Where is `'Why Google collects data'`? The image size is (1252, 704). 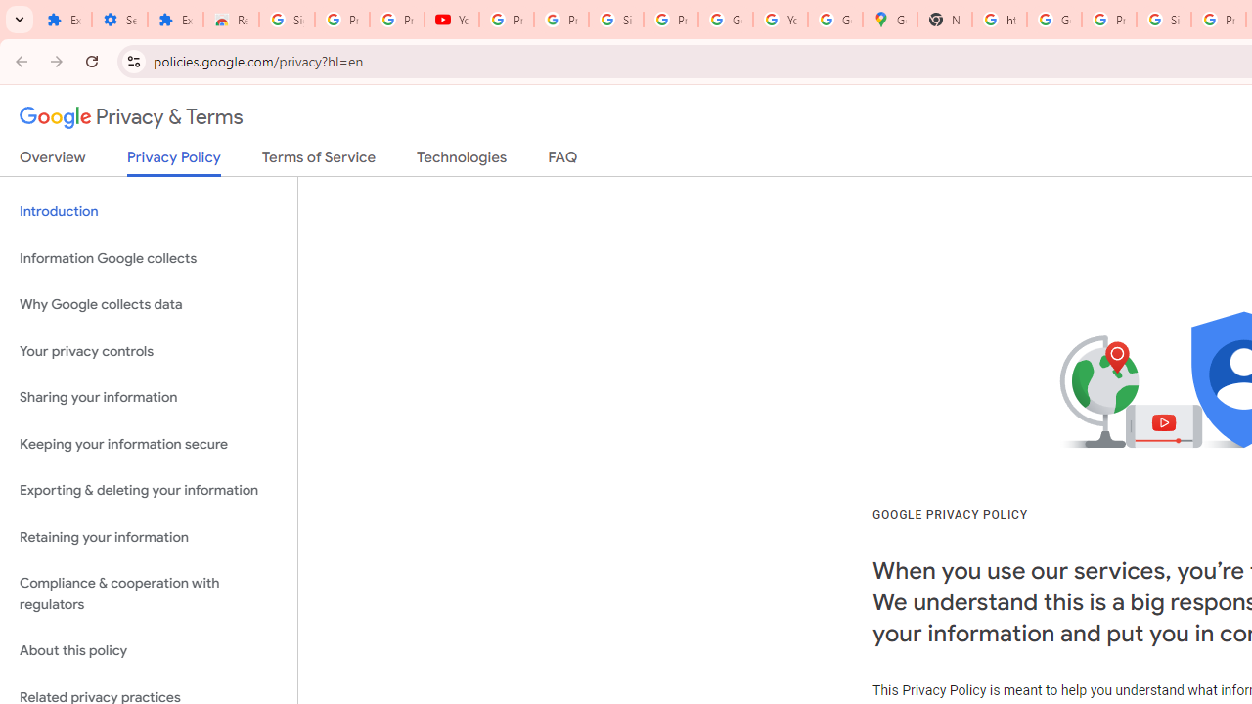 'Why Google collects data' is located at coordinates (148, 305).